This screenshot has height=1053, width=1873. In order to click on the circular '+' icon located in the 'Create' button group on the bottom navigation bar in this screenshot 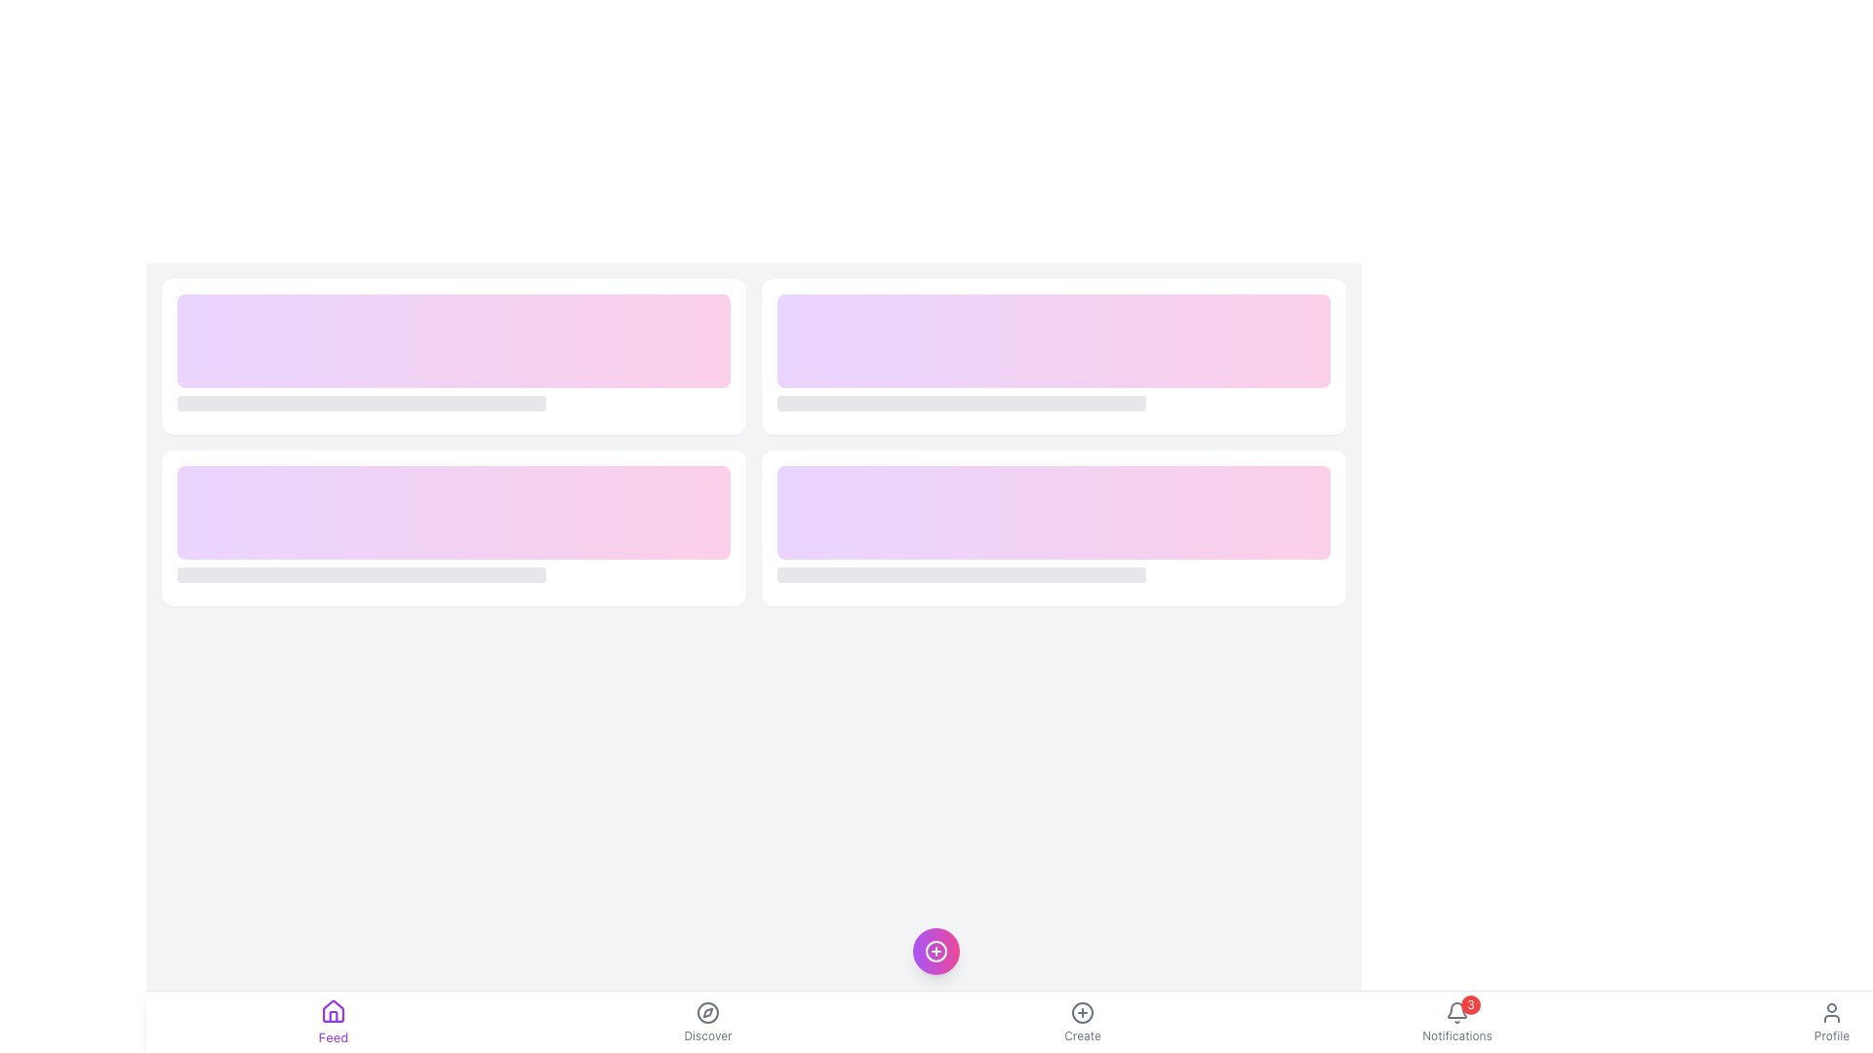, I will do `click(1081, 1010)`.